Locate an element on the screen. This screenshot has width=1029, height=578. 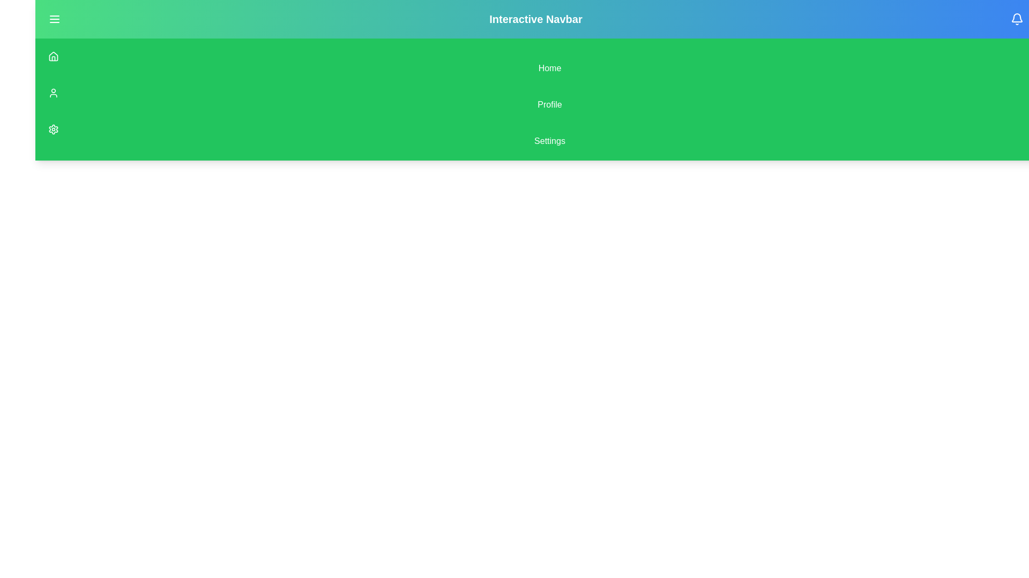
the bell icon button located at the top right corner of the interface is located at coordinates (1016, 19).